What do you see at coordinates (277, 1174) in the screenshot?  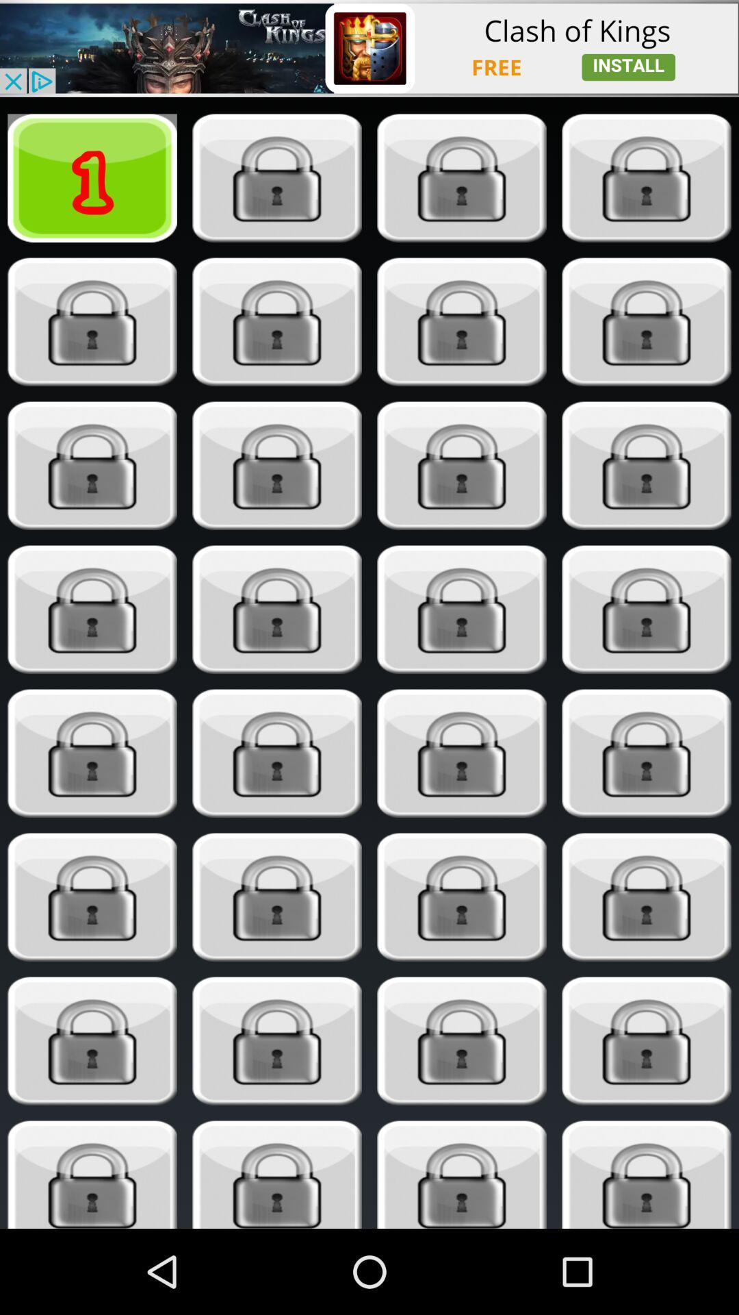 I see `unlock button` at bounding box center [277, 1174].